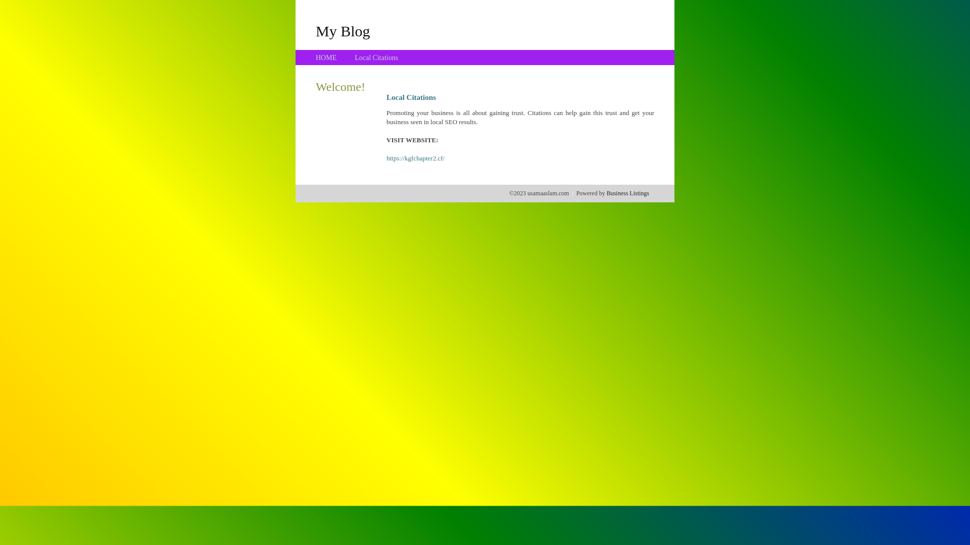  Describe the element at coordinates (354, 58) in the screenshot. I see `'Local Citations'` at that location.